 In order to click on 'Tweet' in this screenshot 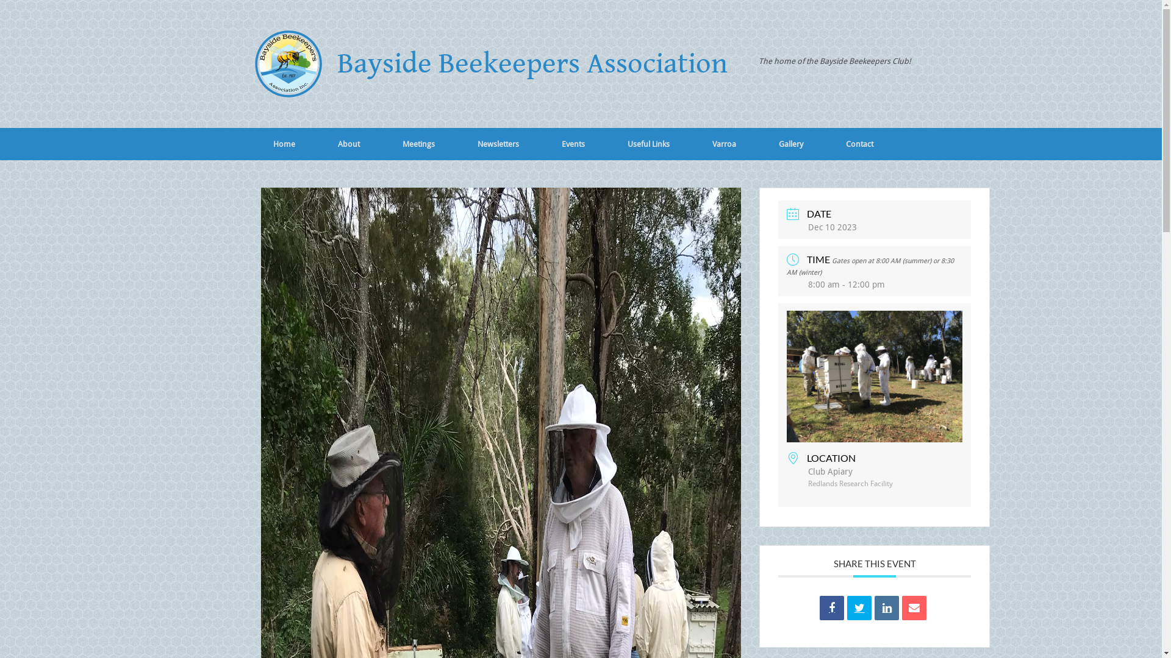, I will do `click(859, 608)`.